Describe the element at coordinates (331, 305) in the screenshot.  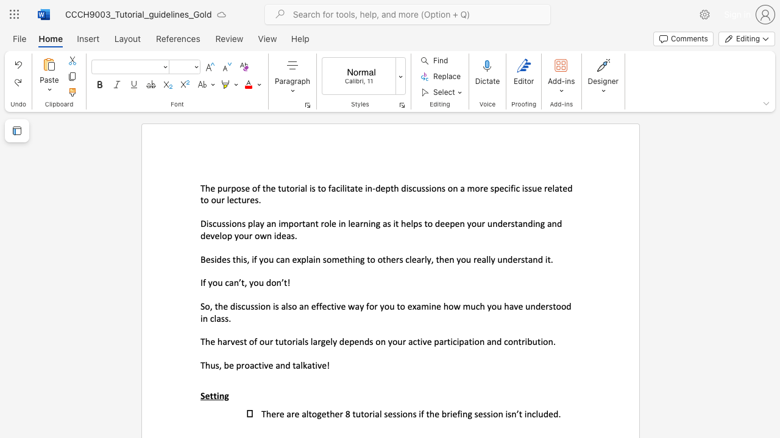
I see `the subset text "tive way for you to examine" within the text "So, the discussion is also an effective way for you to examine how much you have understood in class."` at that location.